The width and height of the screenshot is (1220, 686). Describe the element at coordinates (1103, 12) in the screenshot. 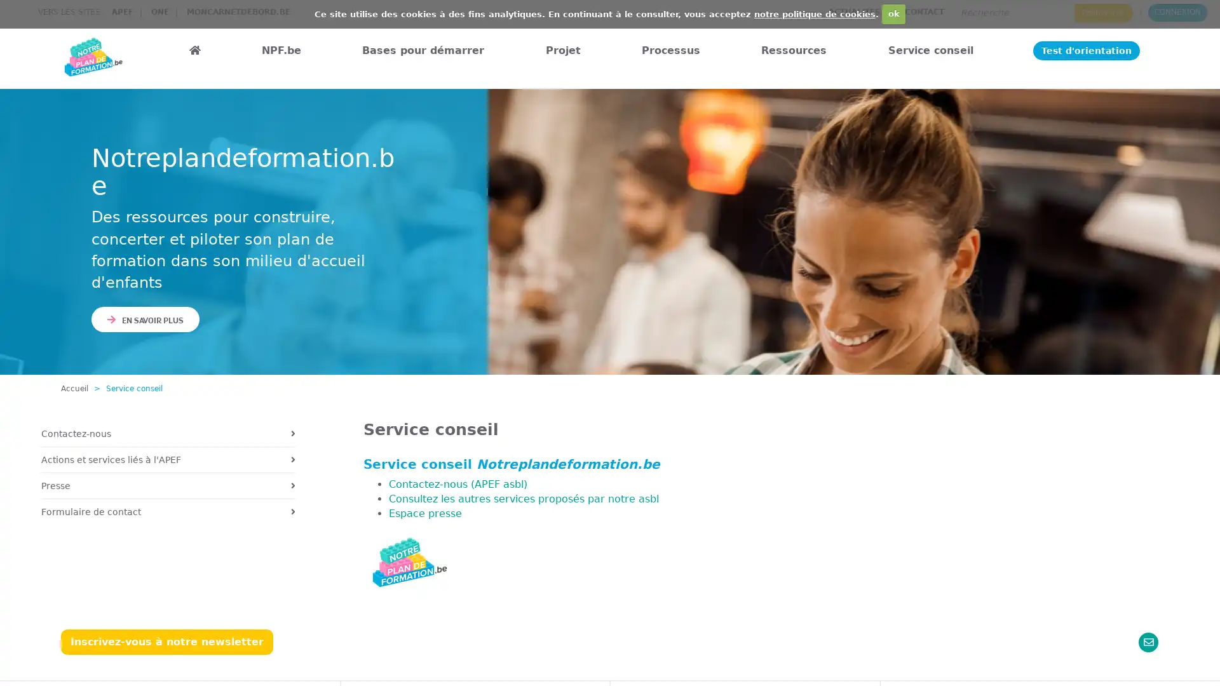

I see `Rechercher` at that location.